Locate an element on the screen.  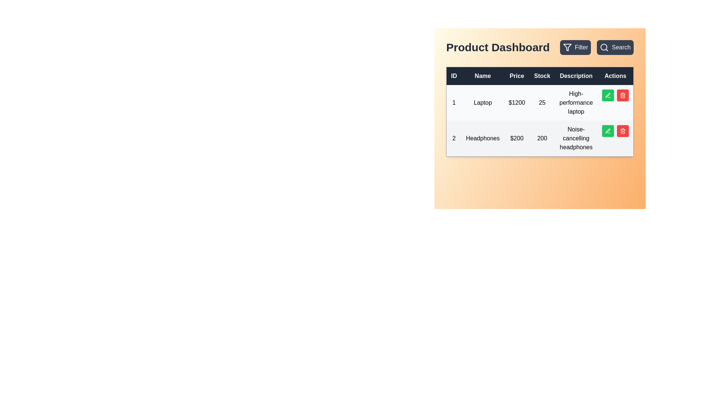
the small red trash bin icon button located under the 'Actions' column in the second row of the Product Dashboard table is located at coordinates (623, 95).